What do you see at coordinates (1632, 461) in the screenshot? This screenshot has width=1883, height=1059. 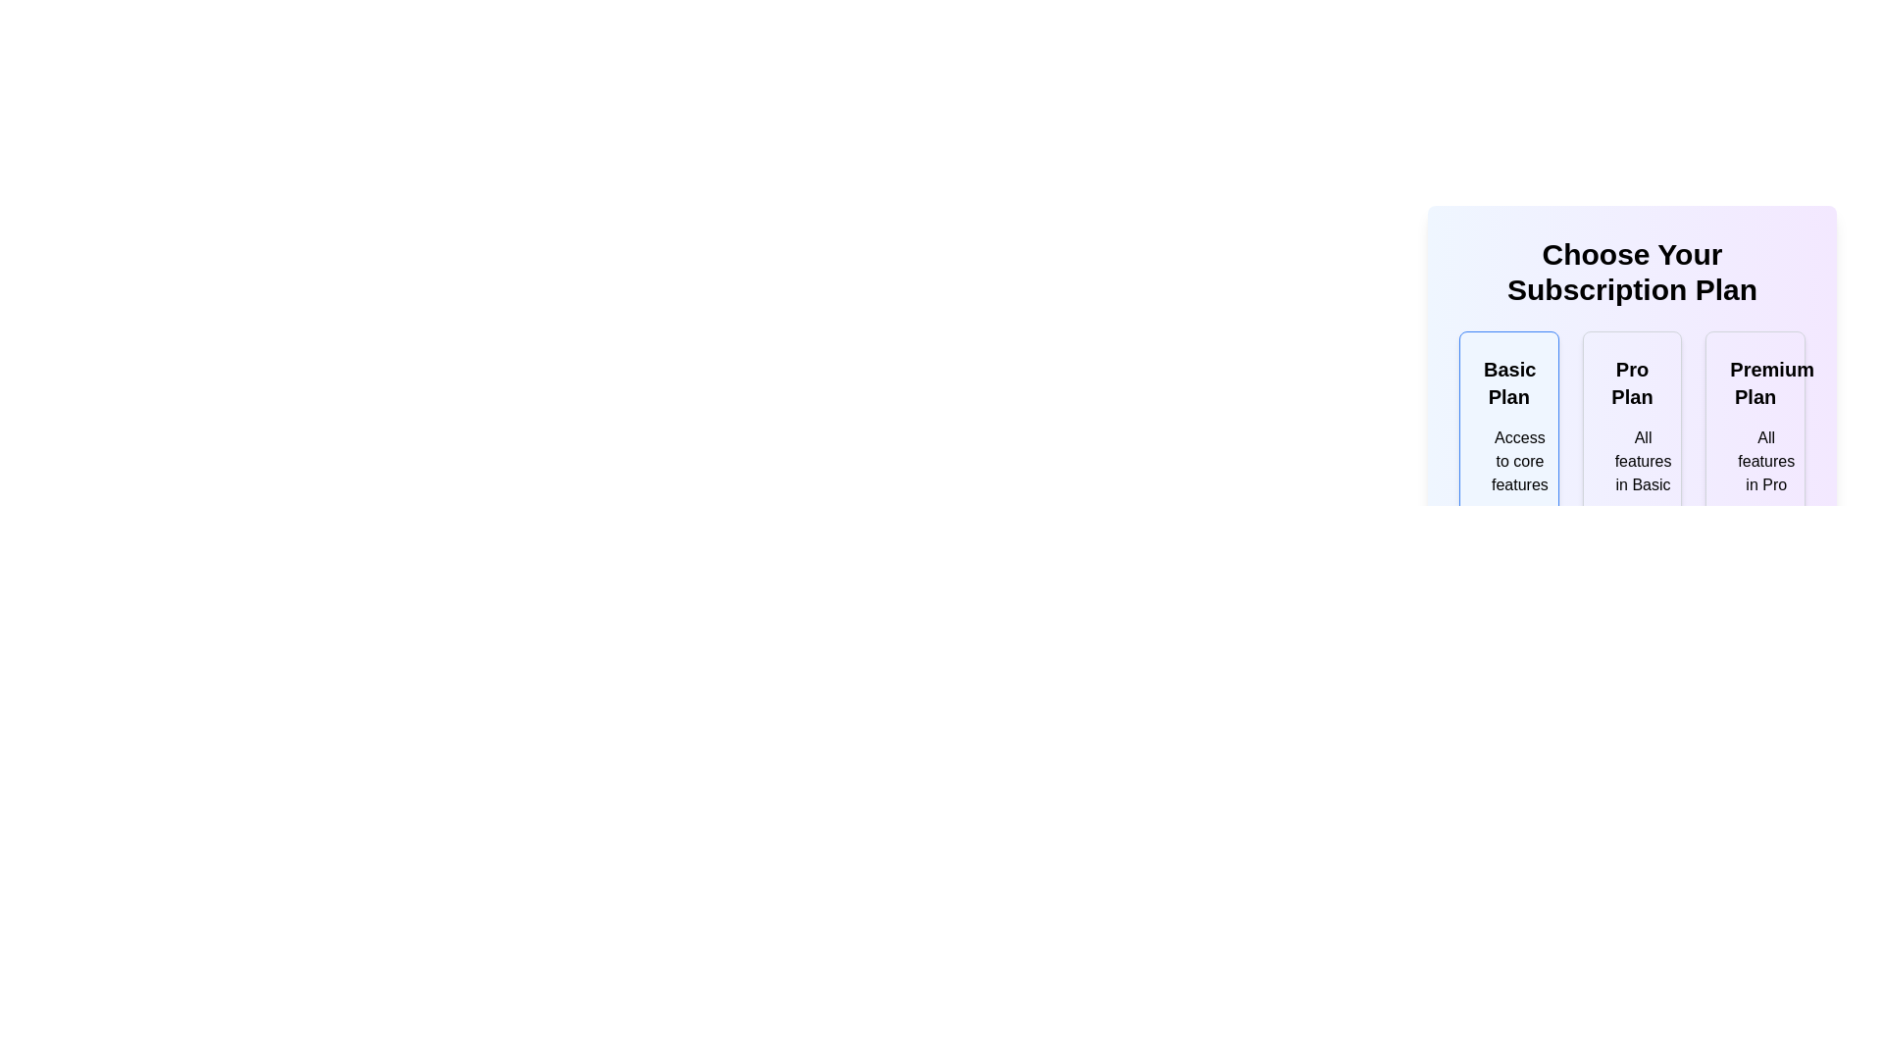 I see `the static text element that reads 'All features in Basic' within the 'Pro Plan' subscription plan card` at bounding box center [1632, 461].